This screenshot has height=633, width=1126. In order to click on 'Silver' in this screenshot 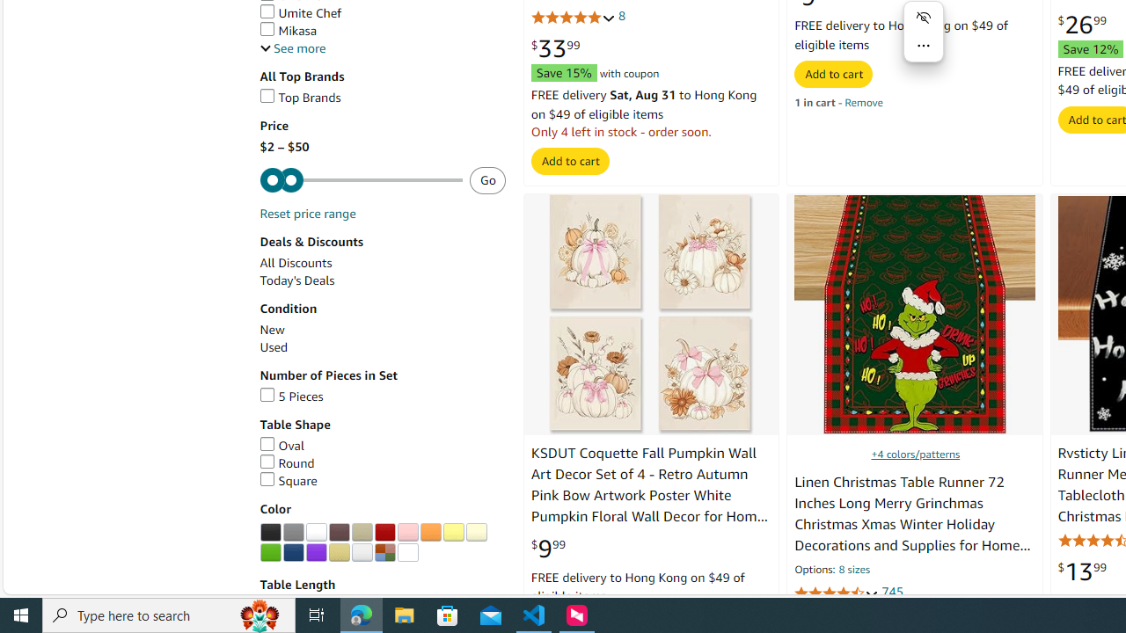, I will do `click(361, 551)`.